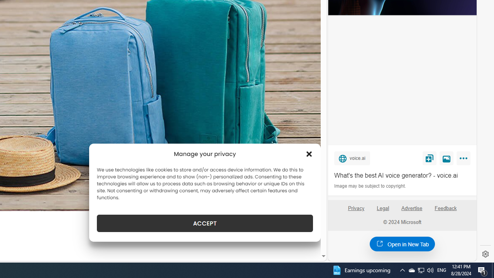 Image resolution: width=494 pixels, height=278 pixels. Describe the element at coordinates (429, 158) in the screenshot. I see `'Save'` at that location.